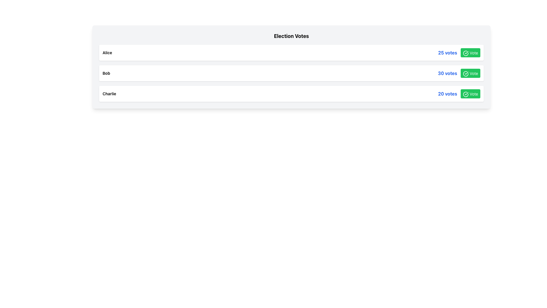 The height and width of the screenshot is (308, 547). I want to click on the affirmative action icon located inside the 'Vote' button at the top-most row of the displayed list, following the text '25 votes', so click(466, 53).